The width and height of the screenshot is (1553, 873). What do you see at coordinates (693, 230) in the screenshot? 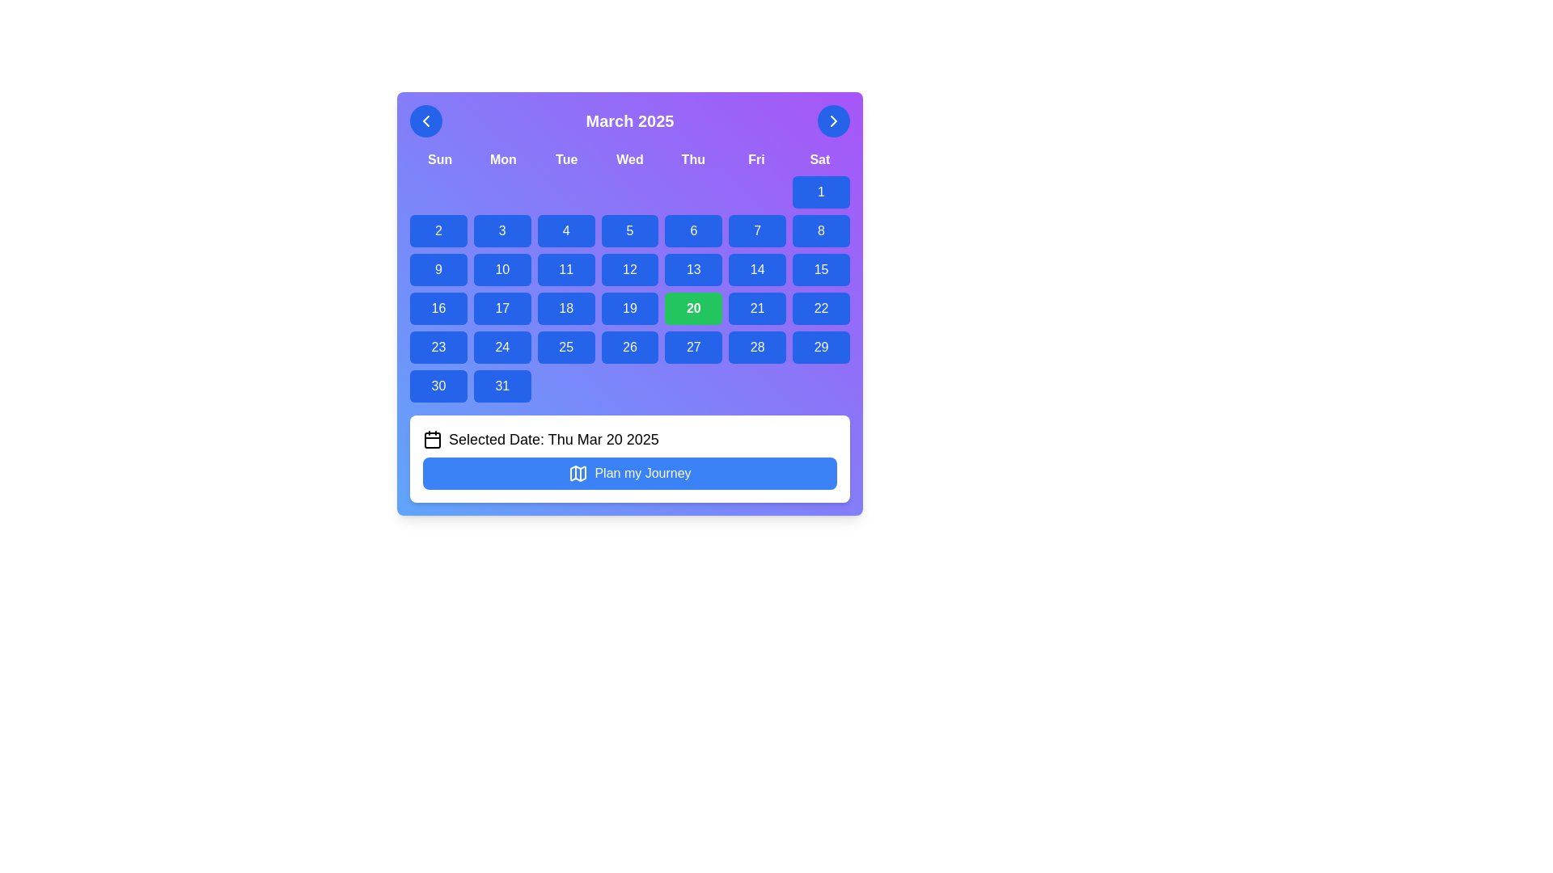
I see `the interactive date selection button for the 6th of the month, located in the second row and fifth column under 'Thu' in the calendar interface to change its background color` at bounding box center [693, 230].